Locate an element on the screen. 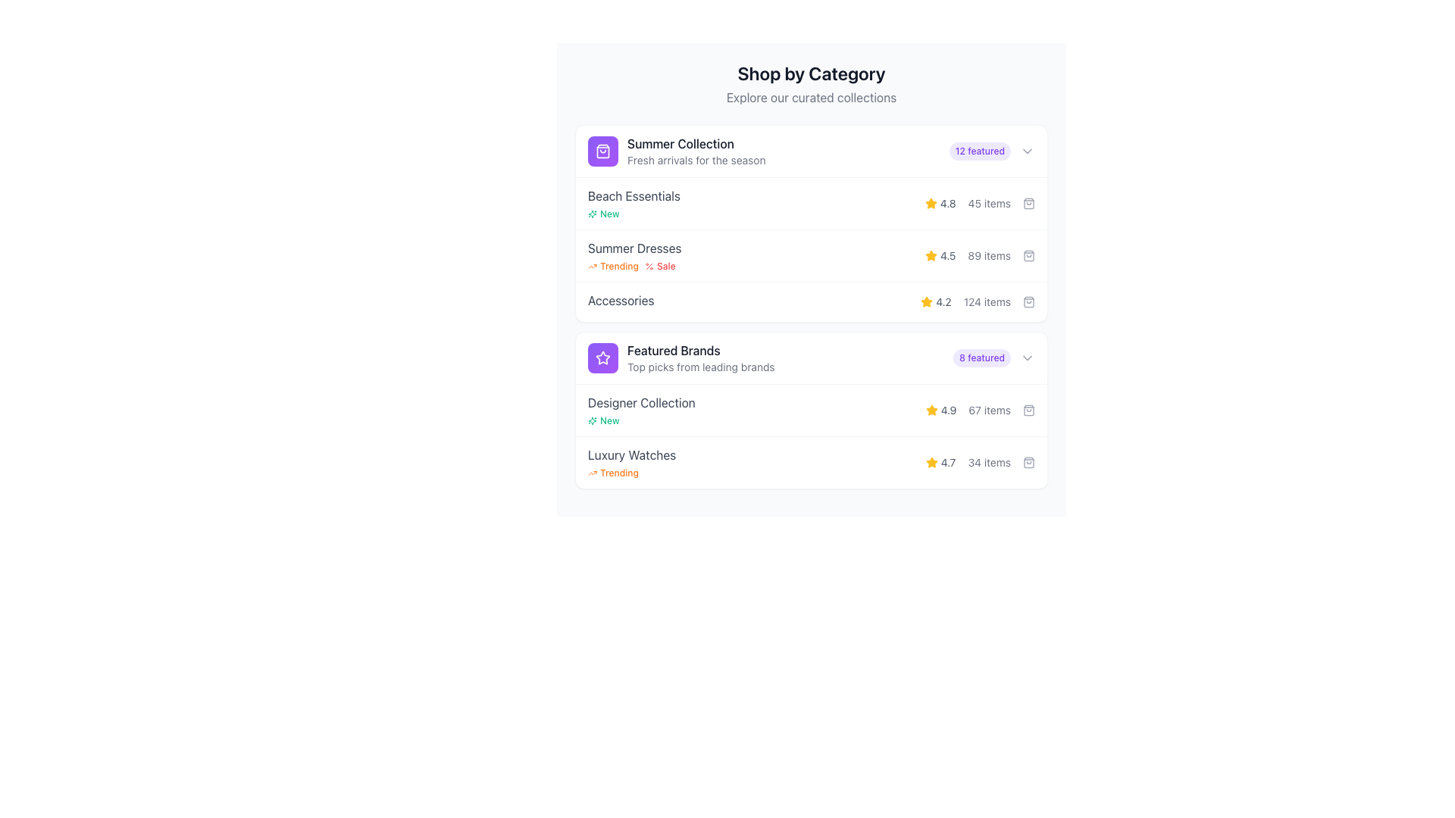 The height and width of the screenshot is (818, 1455). the 'Luxury Watches' text label in the 'Featured Brands' section is located at coordinates (632, 454).